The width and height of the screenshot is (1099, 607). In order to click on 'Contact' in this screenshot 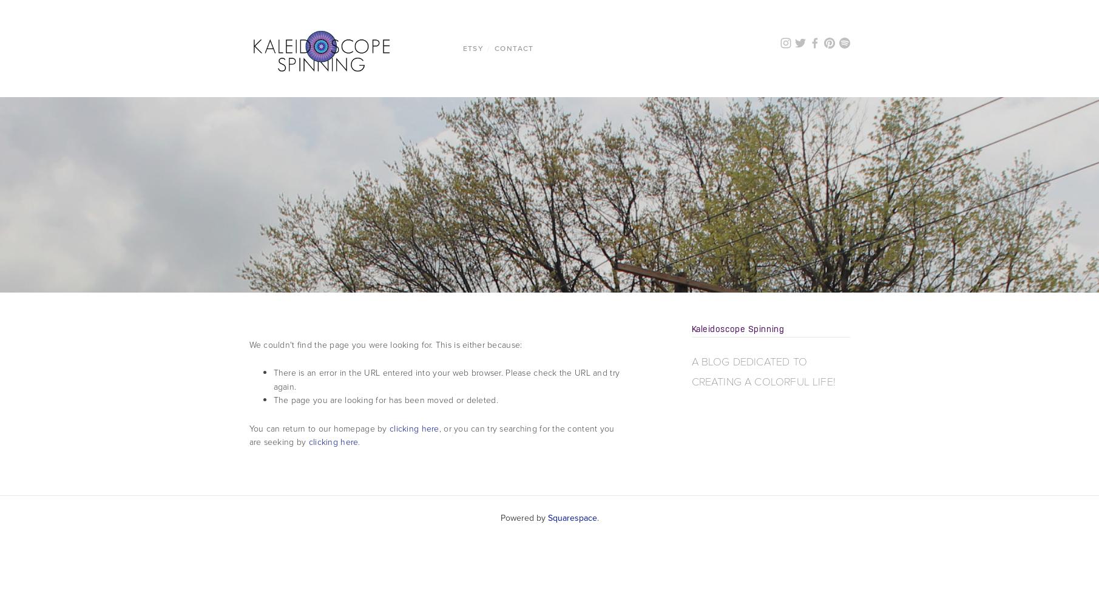, I will do `click(513, 47)`.